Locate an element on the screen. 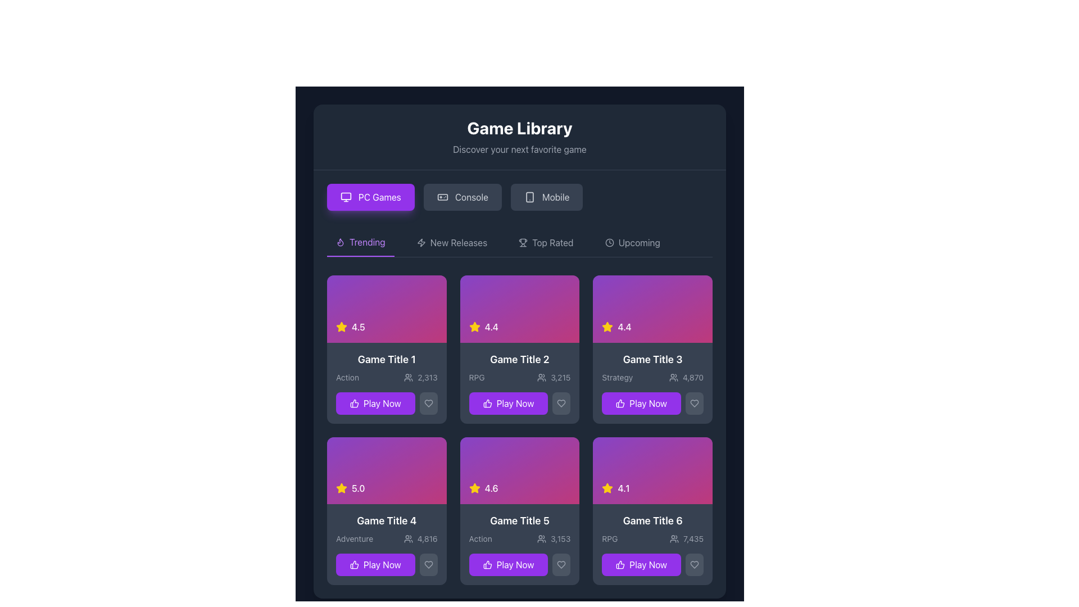  the call-to-action button located at the lower section of the card for 'Game Title 3' in the Trending tab to initiate gameplay is located at coordinates (652, 402).